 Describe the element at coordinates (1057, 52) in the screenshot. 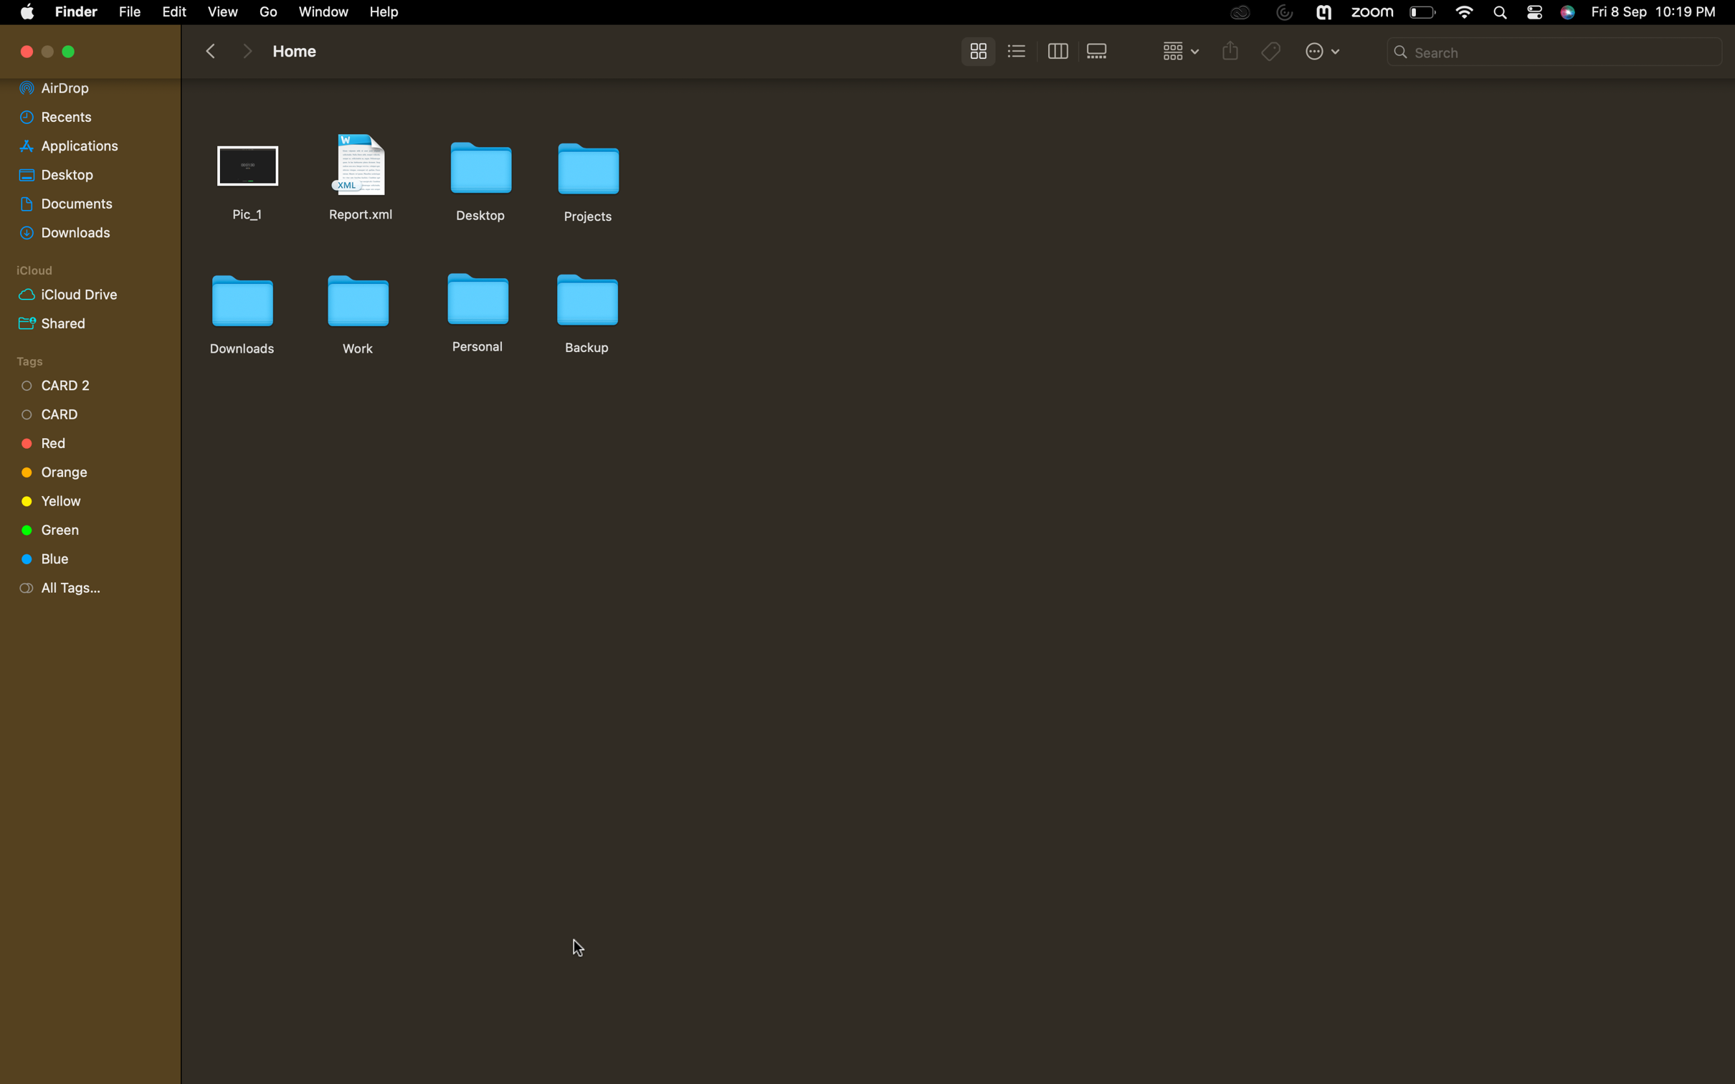

I see `Change to tab view` at that location.